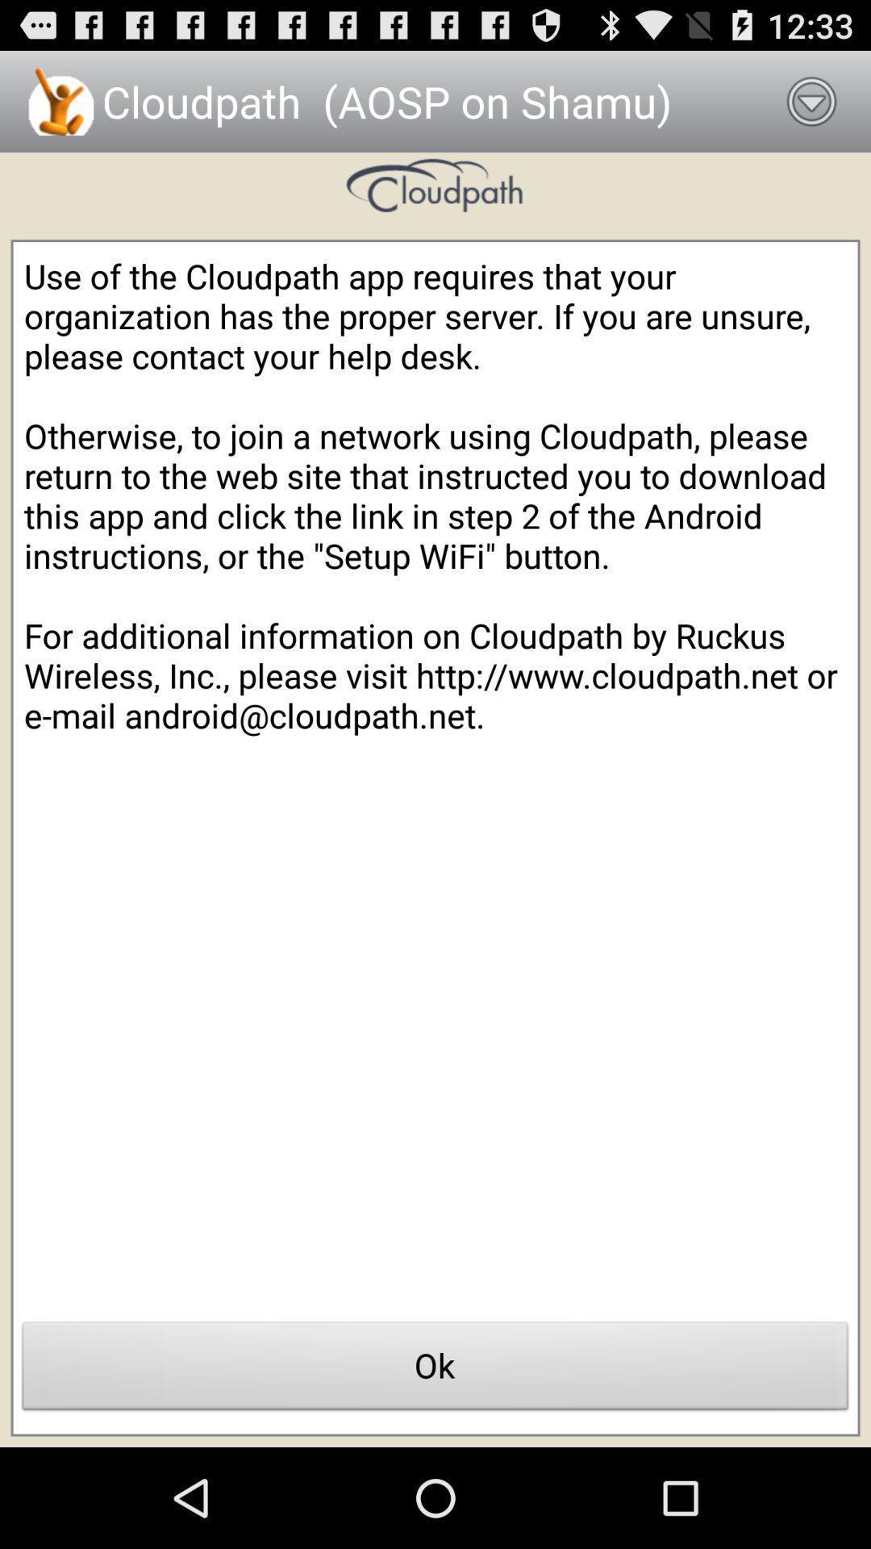  Describe the element at coordinates (811, 100) in the screenshot. I see `the icon to the right of cloudpath aosp on item` at that location.